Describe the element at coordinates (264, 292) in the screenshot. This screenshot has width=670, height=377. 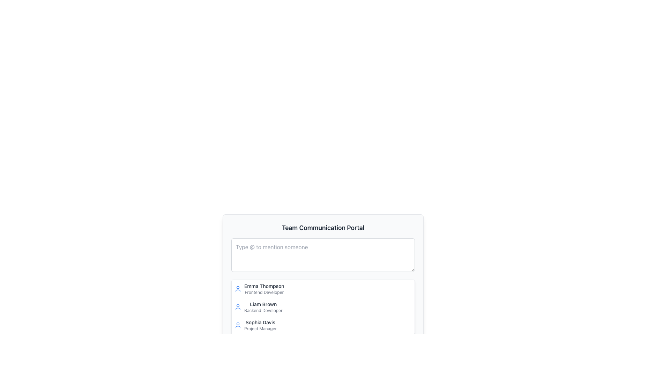
I see `the static text element that reads 'Frontend Developer', which is styled in small gray font and located below 'Emma Thompson' in a vertical list of name-title pairs` at that location.